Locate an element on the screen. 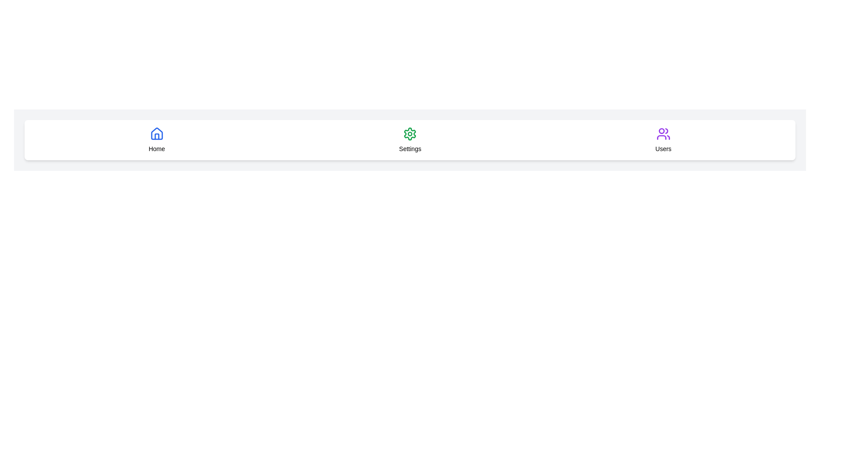  the Settings navigation button is located at coordinates (410, 140).